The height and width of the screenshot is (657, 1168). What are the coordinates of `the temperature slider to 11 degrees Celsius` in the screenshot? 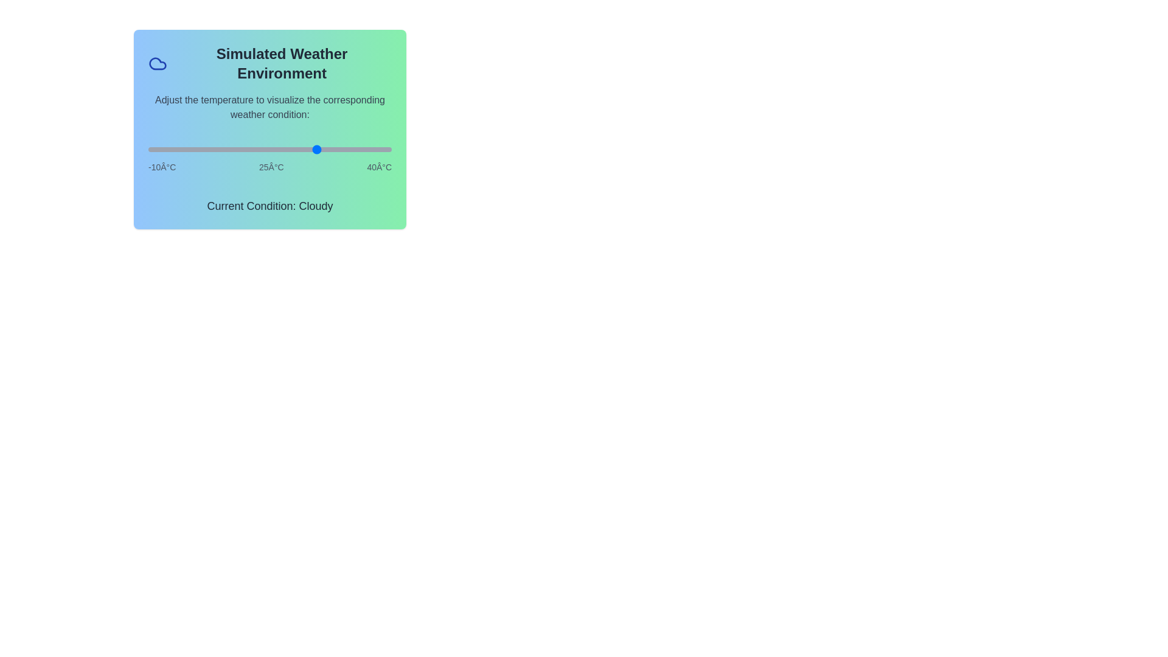 It's located at (250, 149).